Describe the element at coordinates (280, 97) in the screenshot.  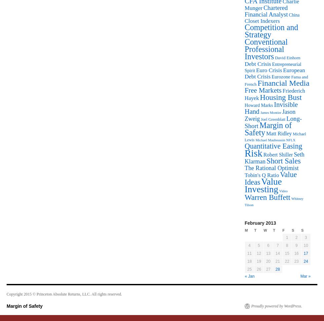
I see `'Housing Bust'` at that location.